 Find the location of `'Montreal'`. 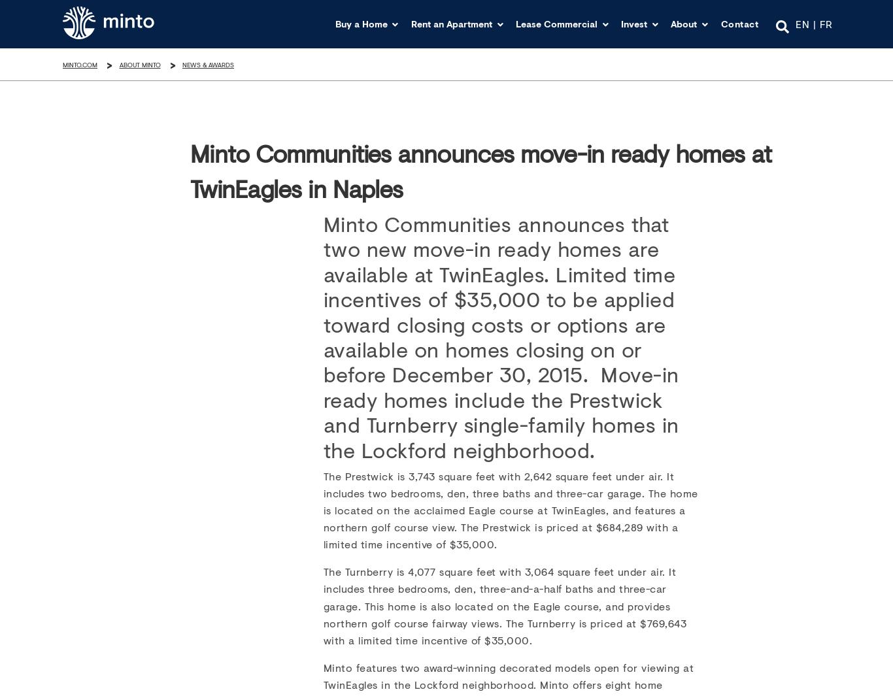

'Montreal' is located at coordinates (442, 144).